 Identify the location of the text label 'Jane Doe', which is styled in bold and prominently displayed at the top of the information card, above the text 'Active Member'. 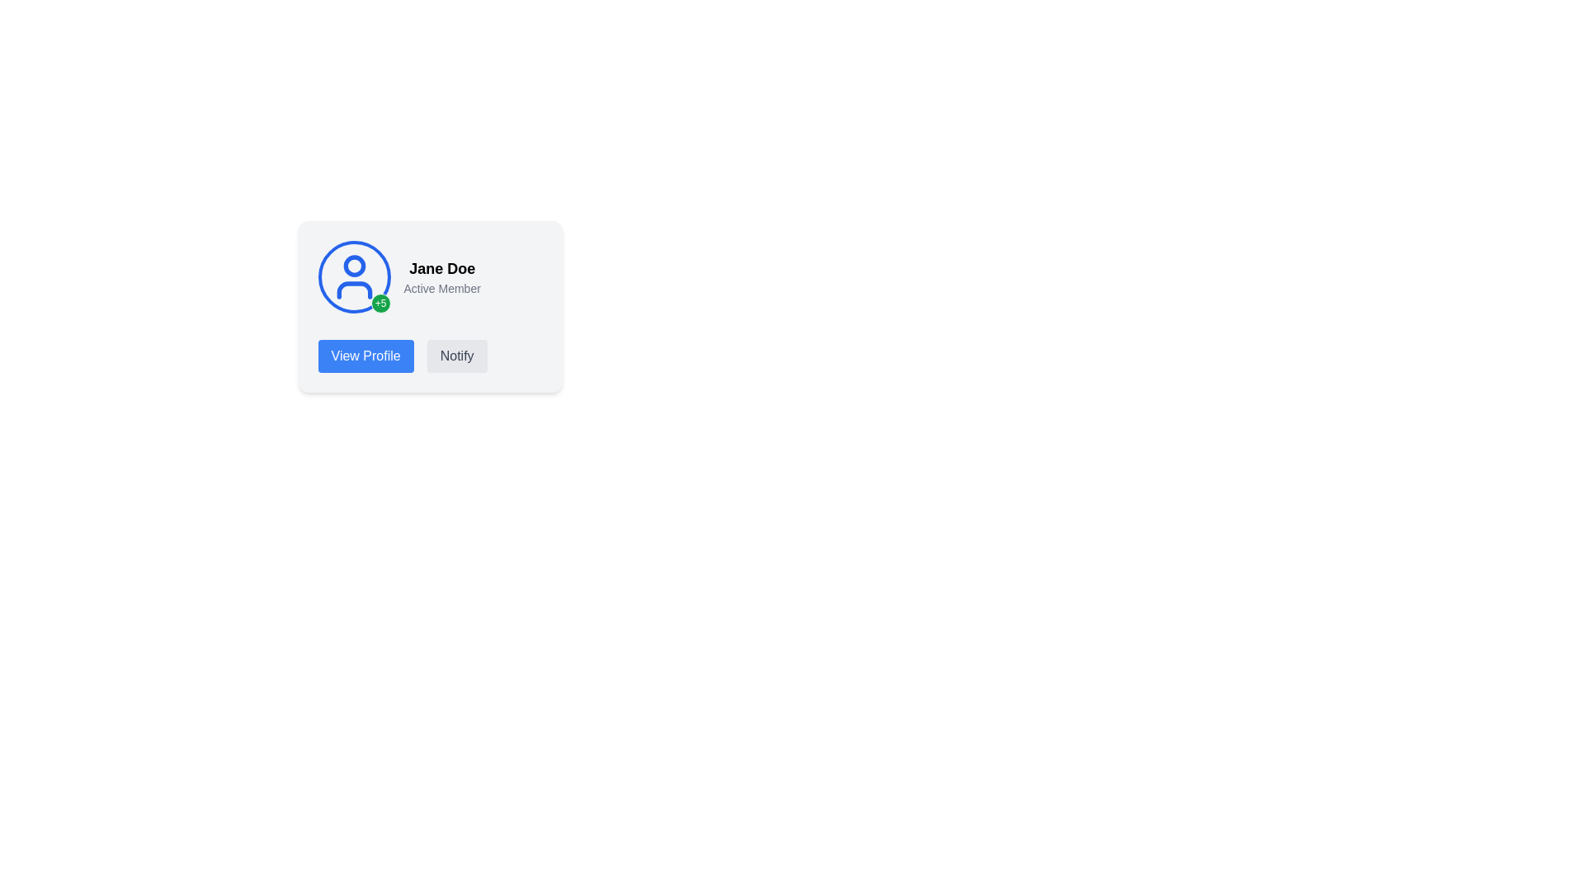
(442, 268).